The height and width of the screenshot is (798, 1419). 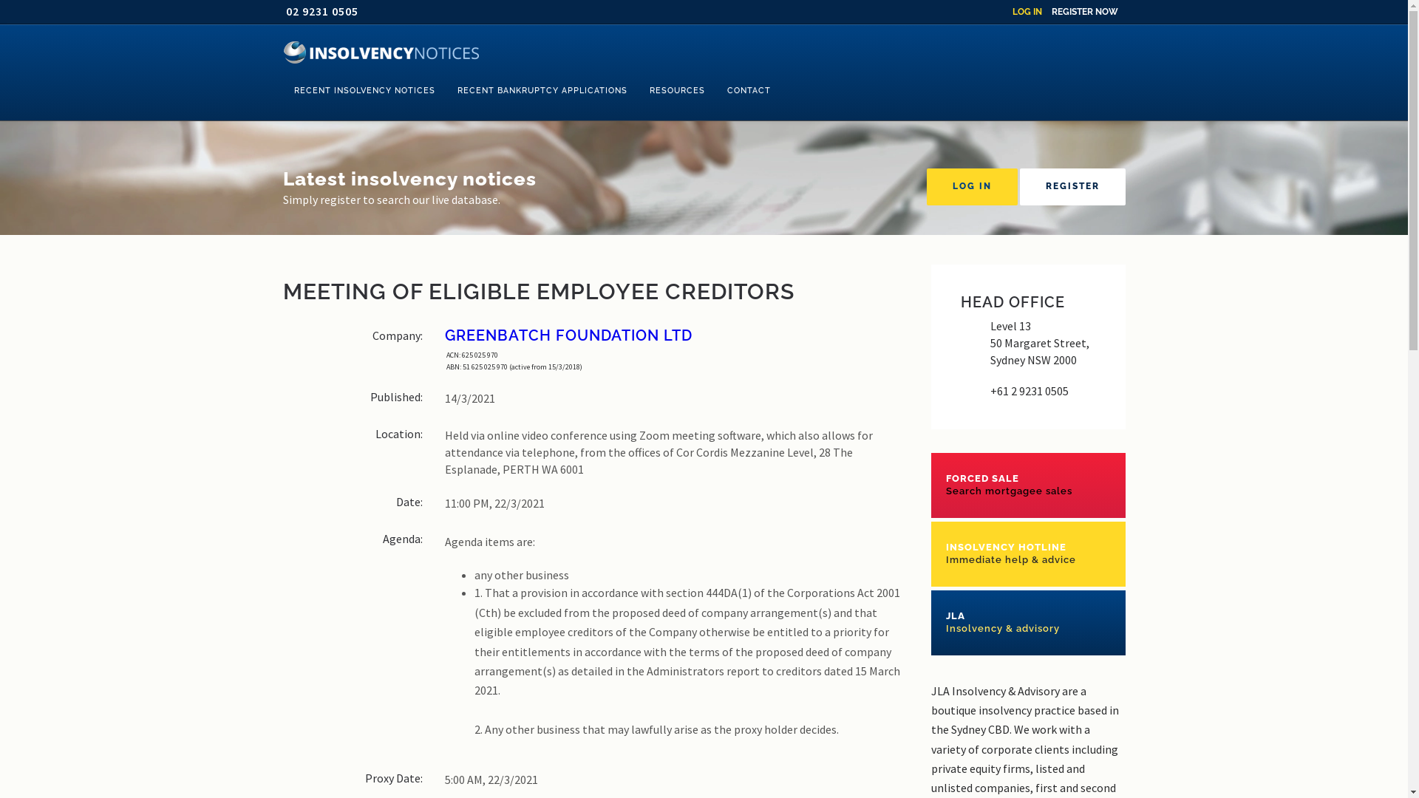 What do you see at coordinates (748, 91) in the screenshot?
I see `'CONTACT'` at bounding box center [748, 91].